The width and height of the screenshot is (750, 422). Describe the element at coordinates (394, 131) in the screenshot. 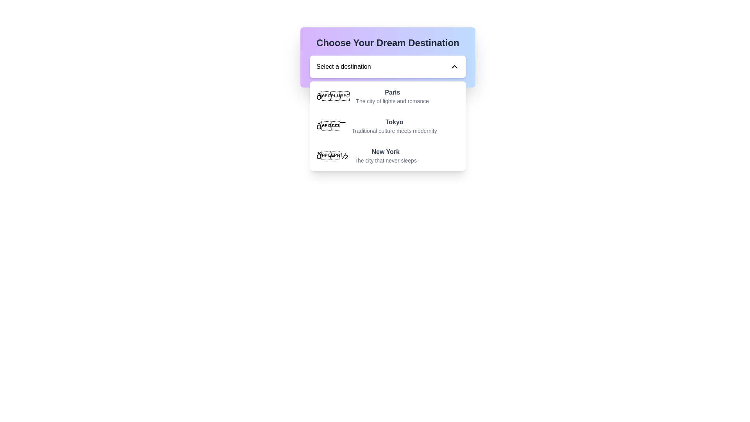

I see `the descriptive subtitle text element for the 'Tokyo' option in the dropdown menu, which is positioned below 'Tokyo' and above 'New York'` at that location.